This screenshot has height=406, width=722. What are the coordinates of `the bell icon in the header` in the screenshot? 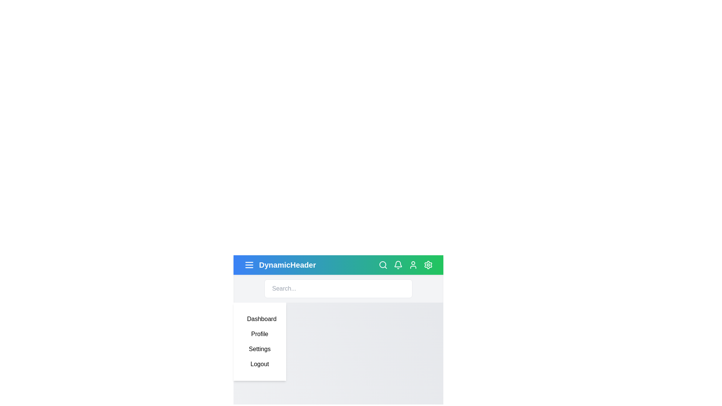 It's located at (398, 265).